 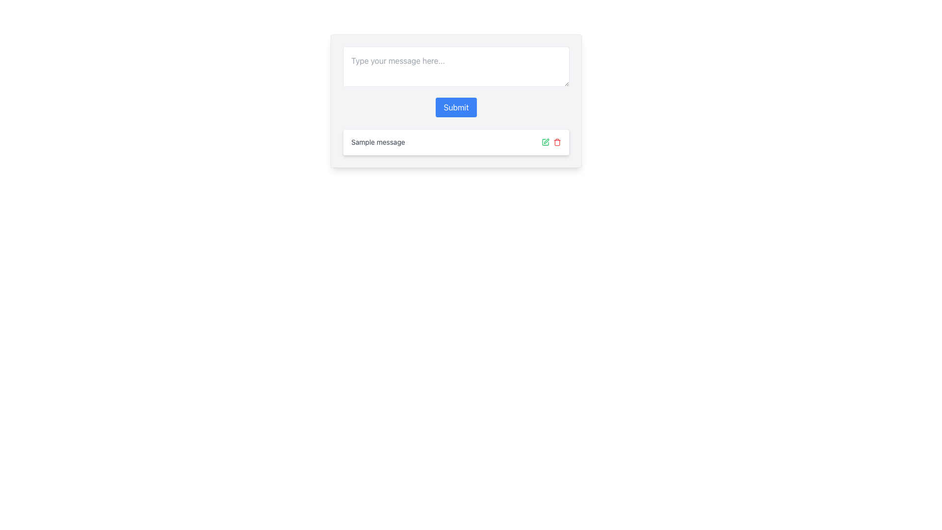 I want to click on the submit button located directly below the text input field labeled 'Type your message here...', so click(x=456, y=107).